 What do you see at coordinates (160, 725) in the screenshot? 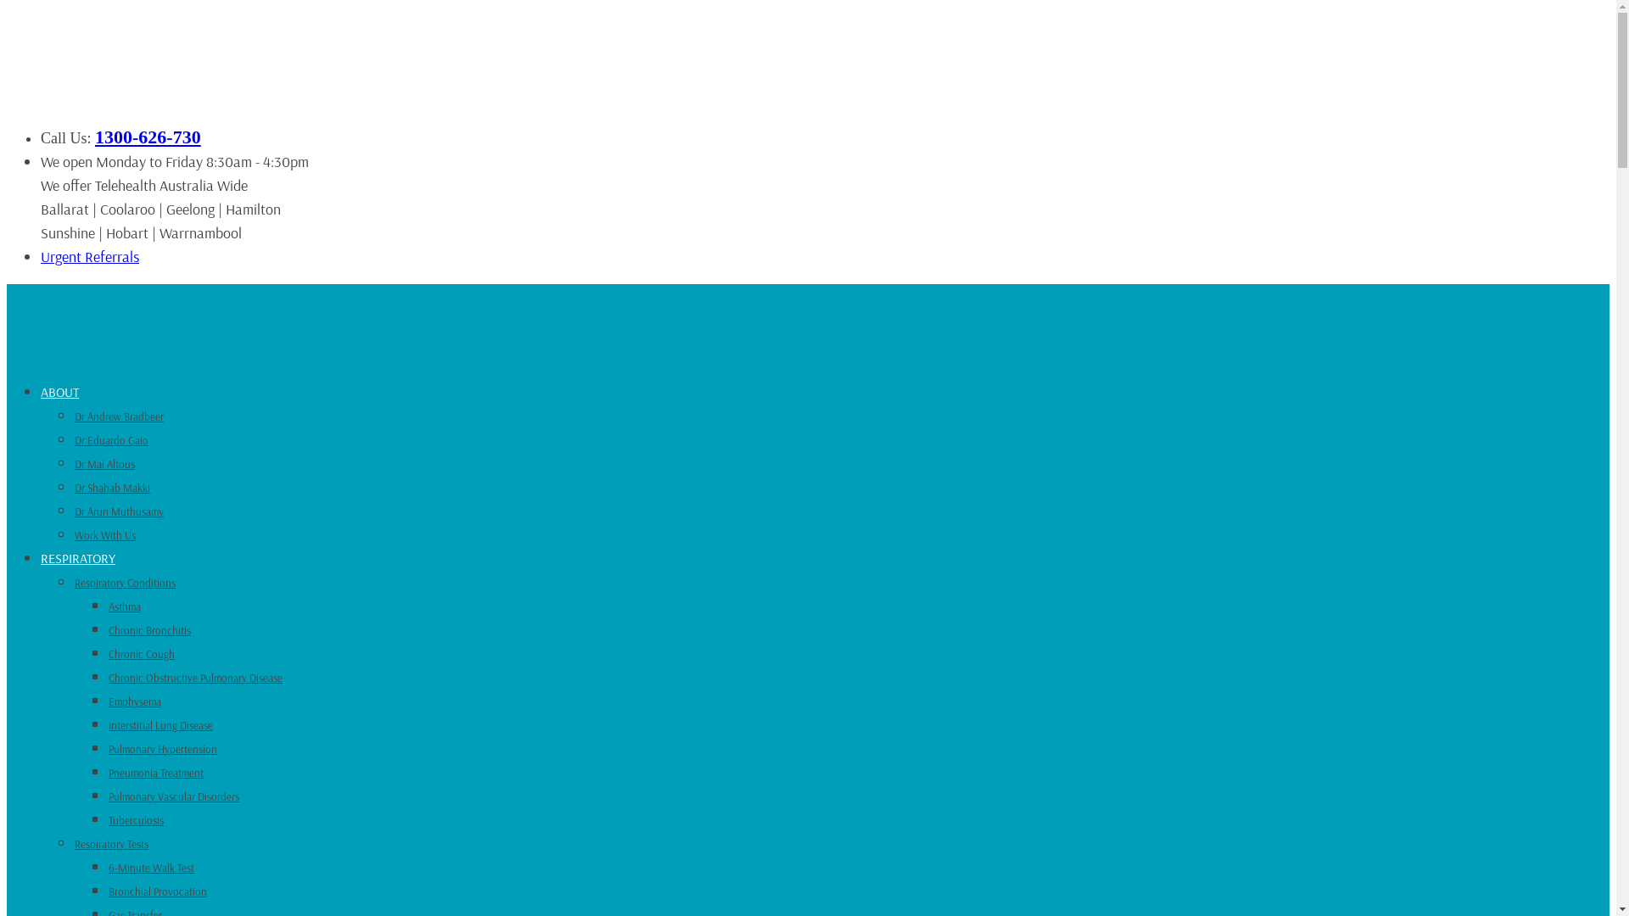
I see `'Interstitial Lung Disease'` at bounding box center [160, 725].